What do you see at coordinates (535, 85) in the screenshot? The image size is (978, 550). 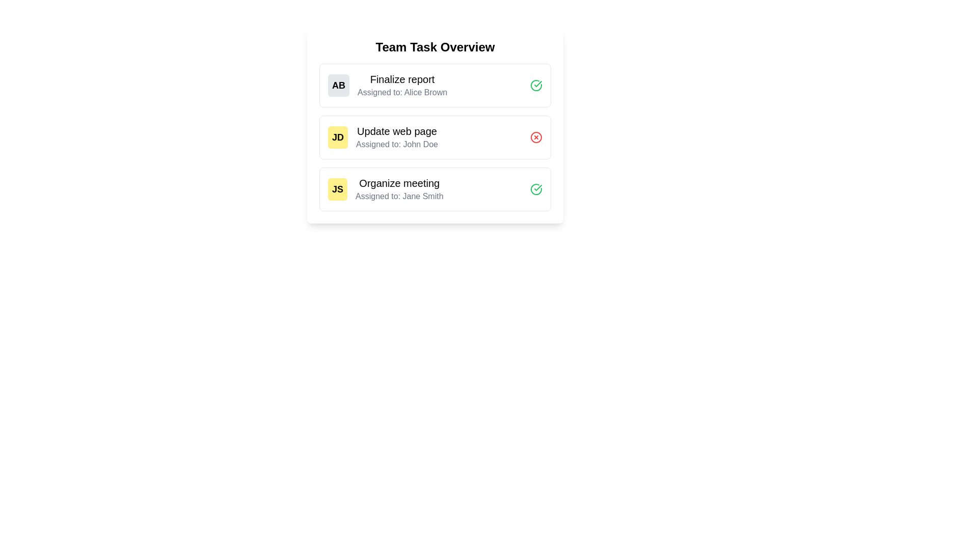 I see `the circular green check mark icon indicating completion, located to the right of the text 'Finalize report' in the task list` at bounding box center [535, 85].